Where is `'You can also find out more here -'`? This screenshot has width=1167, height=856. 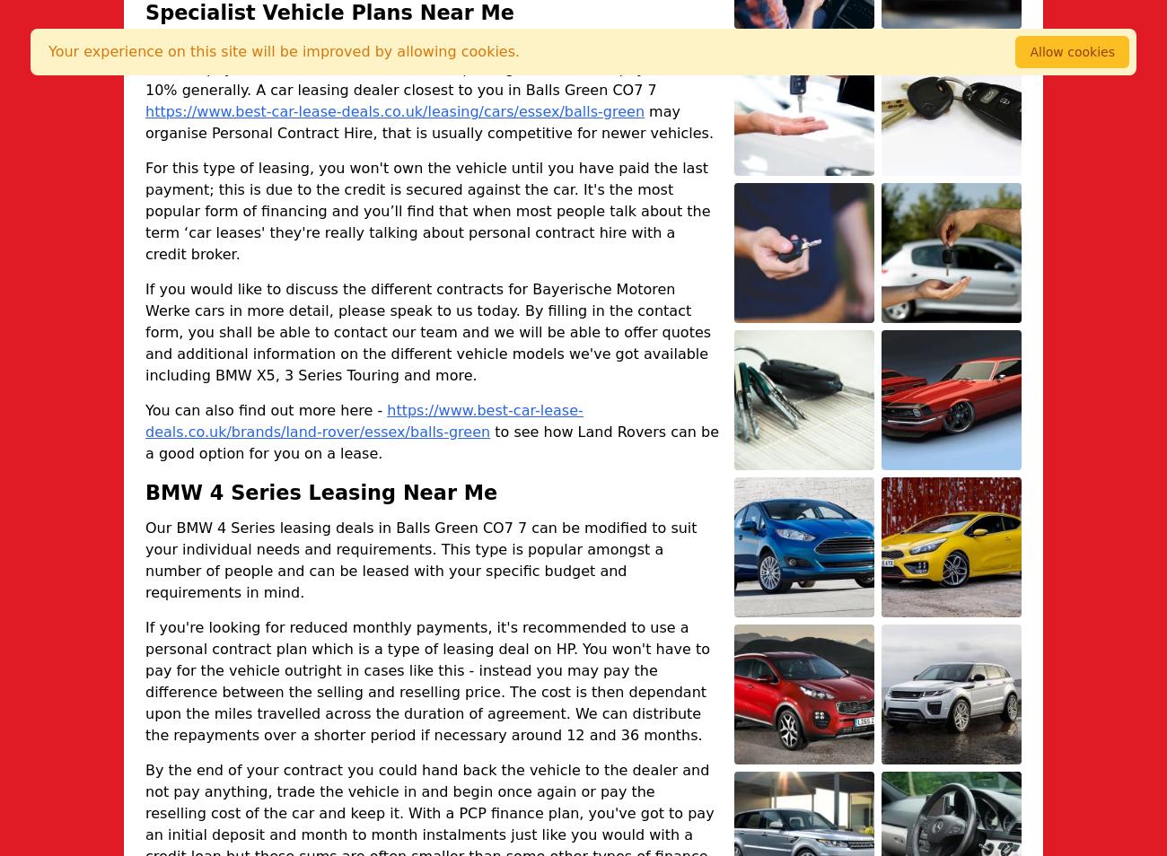
'You can also find out more here -' is located at coordinates (144, 410).